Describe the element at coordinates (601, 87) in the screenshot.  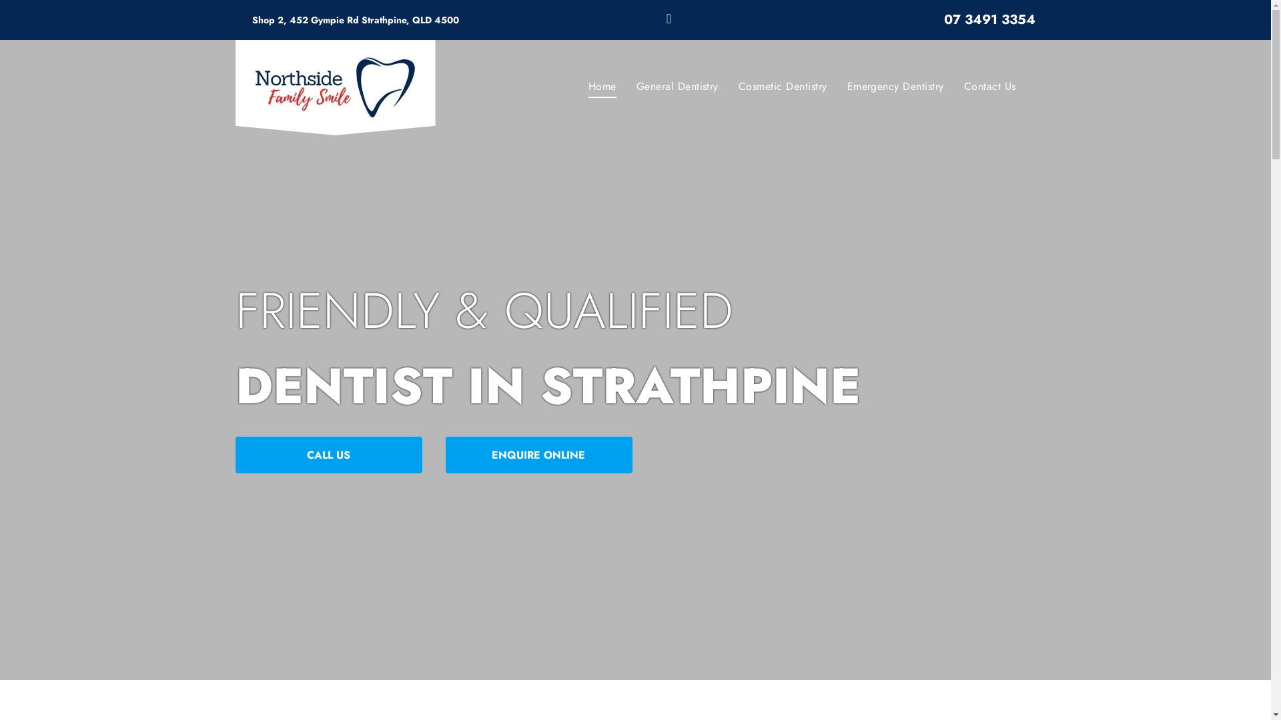
I see `'Home'` at that location.